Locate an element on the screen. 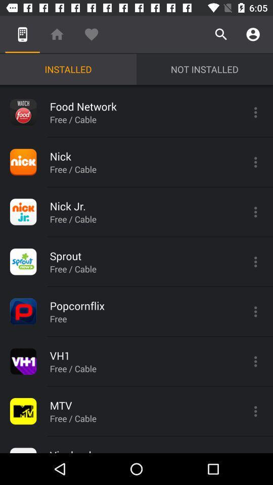 The height and width of the screenshot is (485, 273). icon above the installed icon is located at coordinates (92, 34).